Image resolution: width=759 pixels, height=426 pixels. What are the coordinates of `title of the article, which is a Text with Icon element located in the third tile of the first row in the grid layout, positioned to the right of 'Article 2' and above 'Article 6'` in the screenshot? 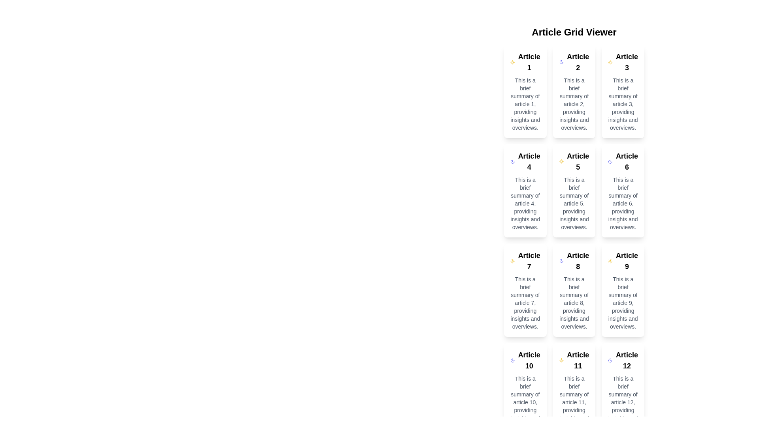 It's located at (623, 62).